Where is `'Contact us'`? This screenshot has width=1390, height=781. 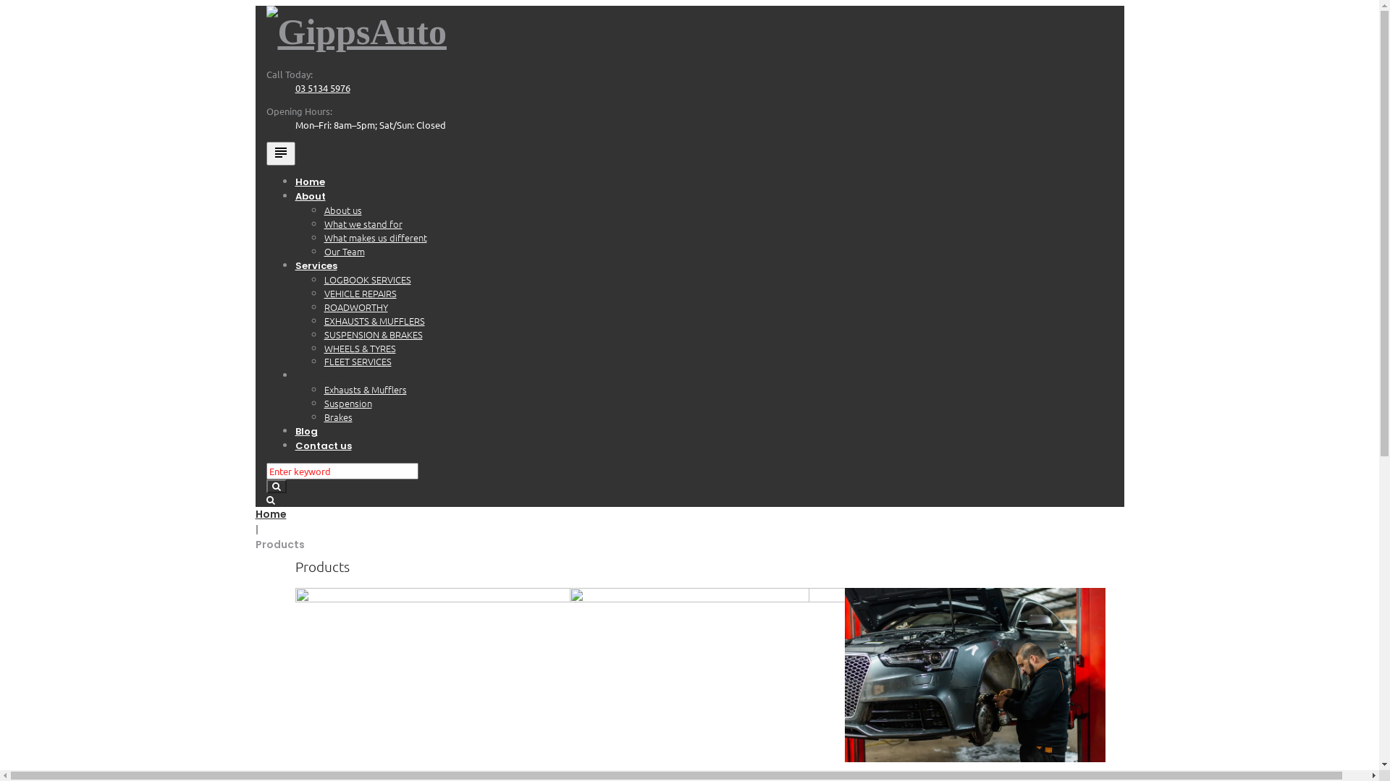
'Contact us' is located at coordinates (322, 445).